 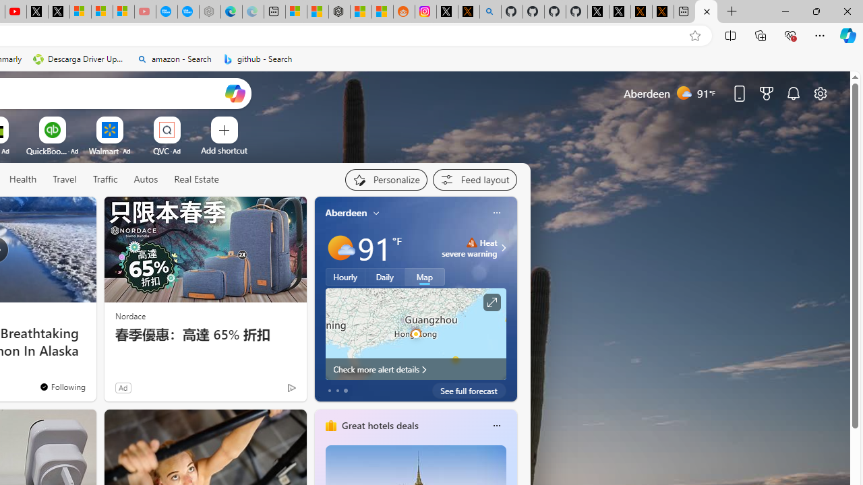 What do you see at coordinates (64, 179) in the screenshot?
I see `'Travel'` at bounding box center [64, 179].